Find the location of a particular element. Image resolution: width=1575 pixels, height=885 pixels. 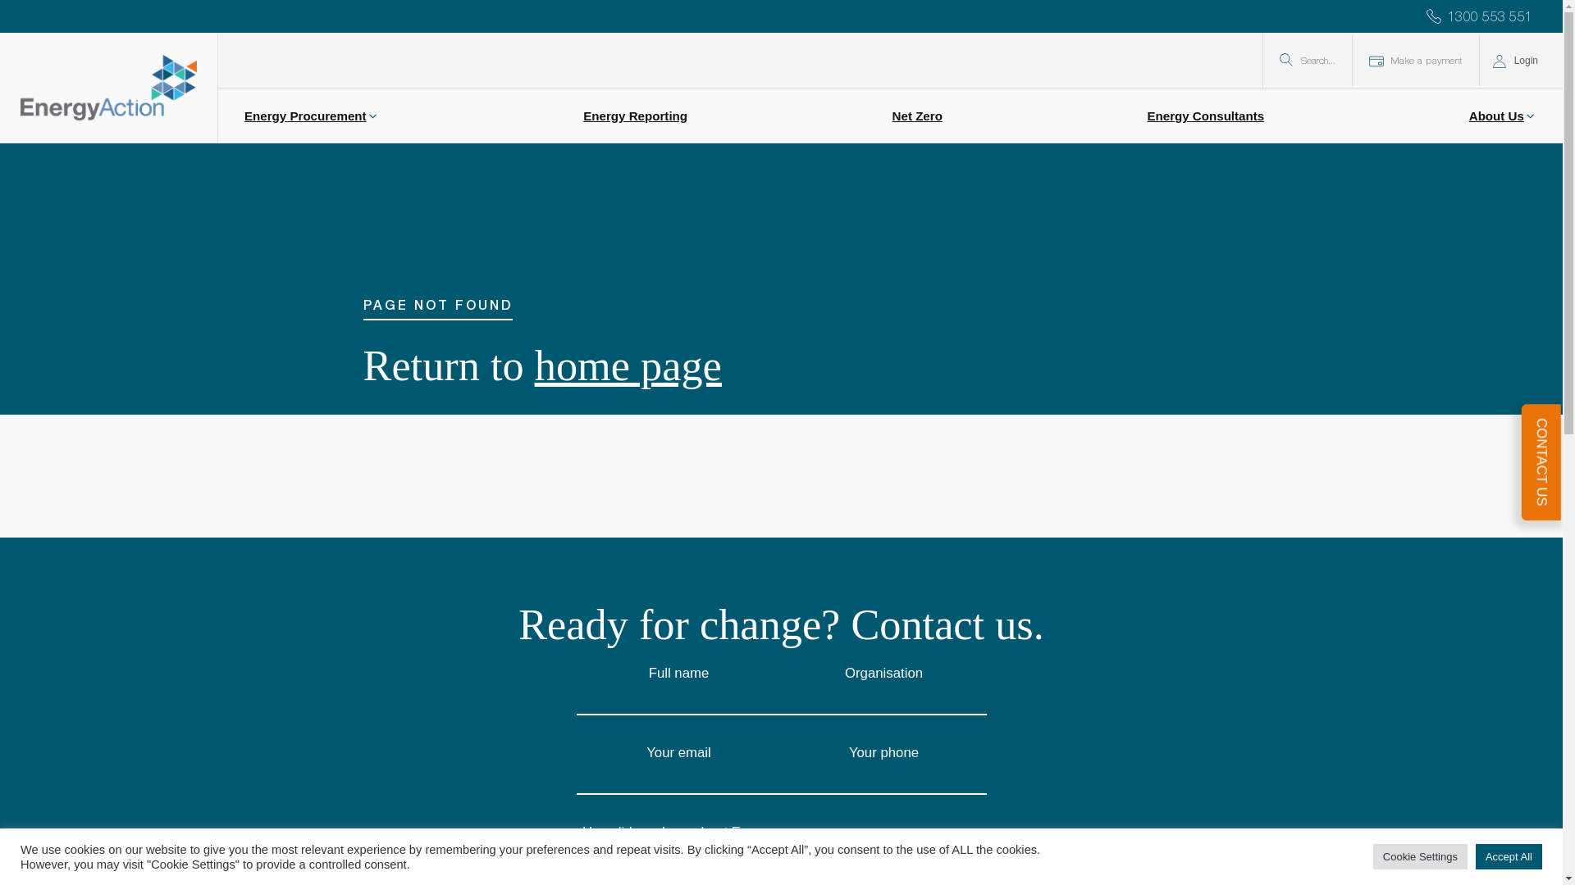

'Cookie Settings' is located at coordinates (1419, 855).